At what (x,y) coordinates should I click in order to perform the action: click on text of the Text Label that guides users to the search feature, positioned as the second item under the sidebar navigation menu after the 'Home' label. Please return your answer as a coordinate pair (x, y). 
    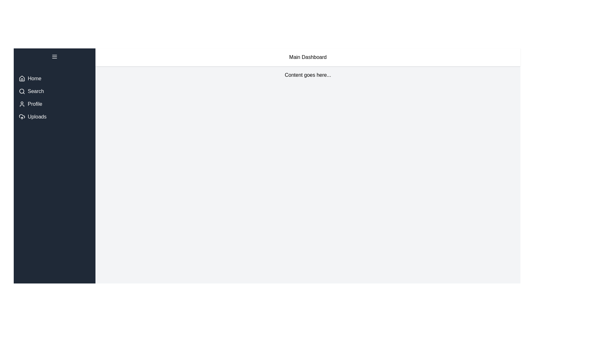
    Looking at the image, I should click on (35, 91).